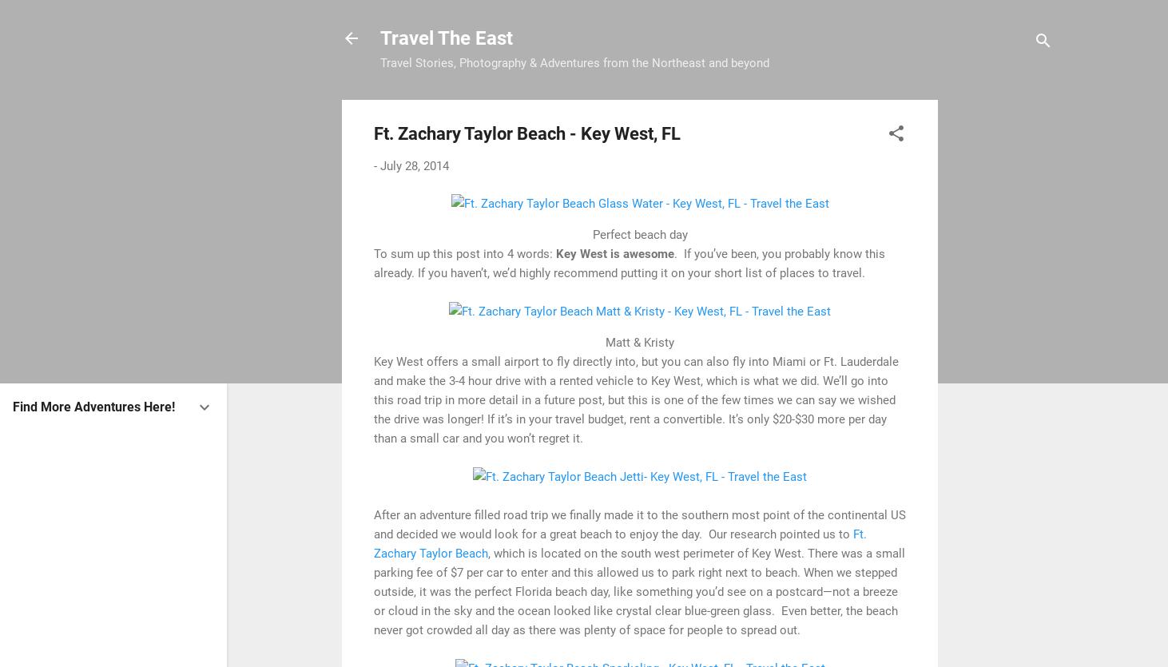  What do you see at coordinates (590, 233) in the screenshot?
I see `'Perfect beach day'` at bounding box center [590, 233].